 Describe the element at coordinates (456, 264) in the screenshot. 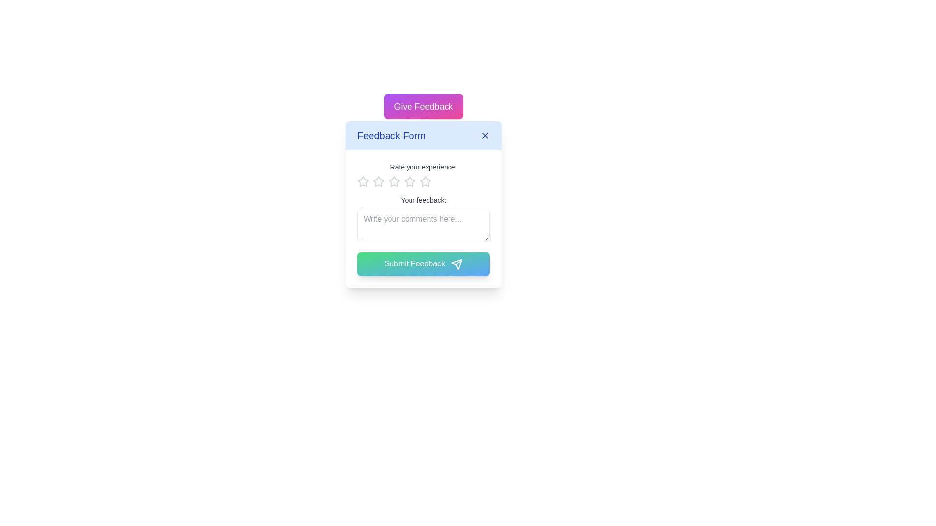

I see `the triangular 'send' icon located at the bottom-right corner of the 'Submit Feedback' button to send feedback` at that location.